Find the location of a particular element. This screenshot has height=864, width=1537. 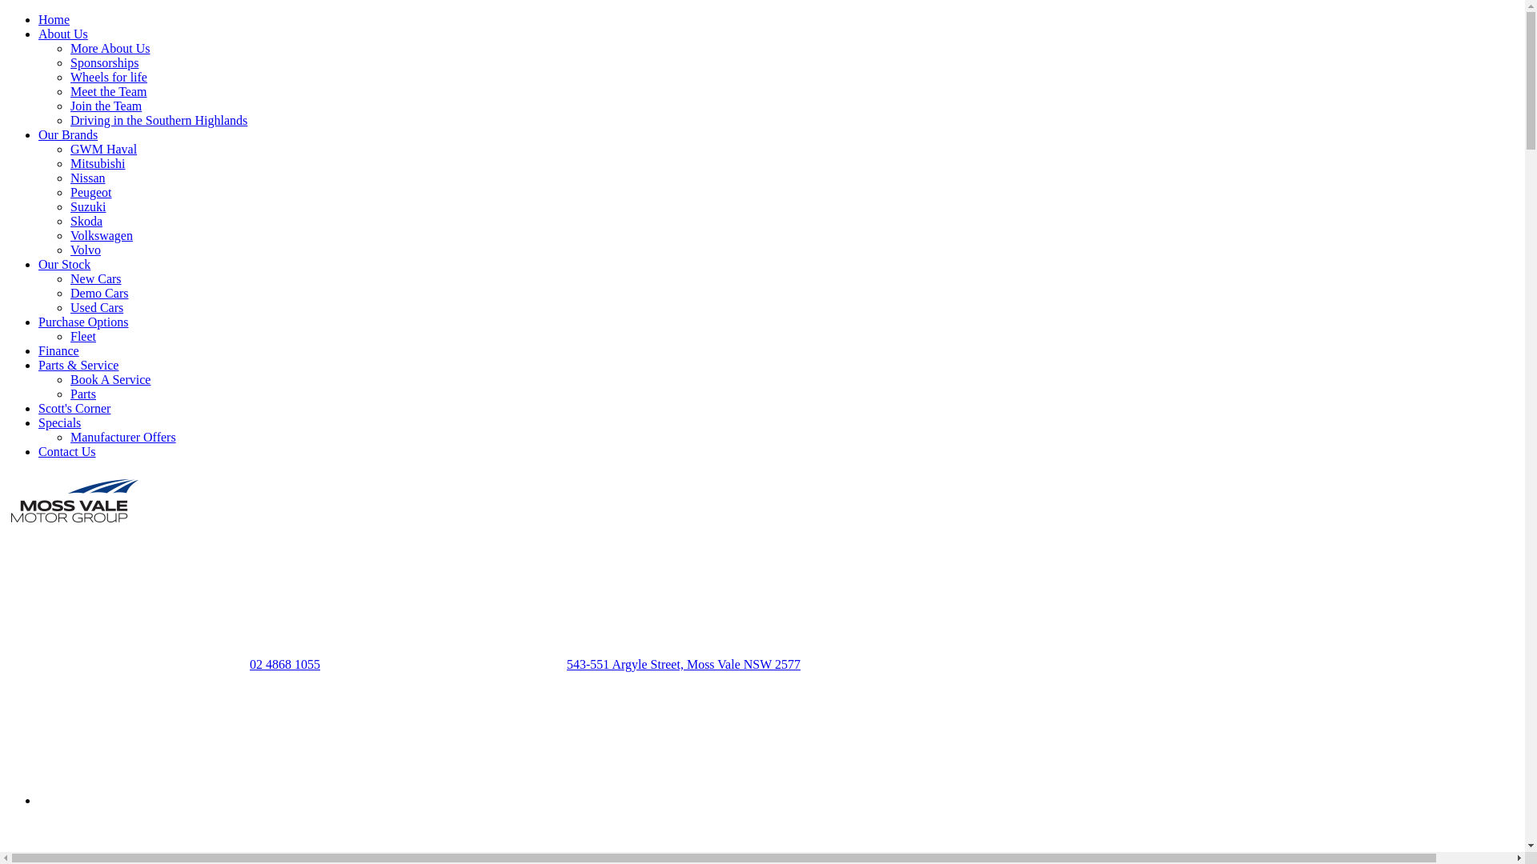

'Contact Us' is located at coordinates (38, 451).